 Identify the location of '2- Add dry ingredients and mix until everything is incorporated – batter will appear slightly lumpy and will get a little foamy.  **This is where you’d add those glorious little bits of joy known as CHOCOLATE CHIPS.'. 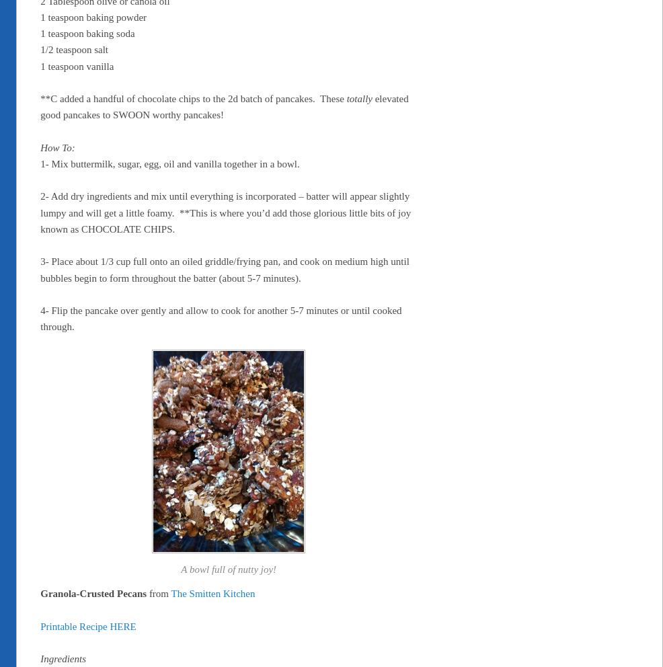
(225, 212).